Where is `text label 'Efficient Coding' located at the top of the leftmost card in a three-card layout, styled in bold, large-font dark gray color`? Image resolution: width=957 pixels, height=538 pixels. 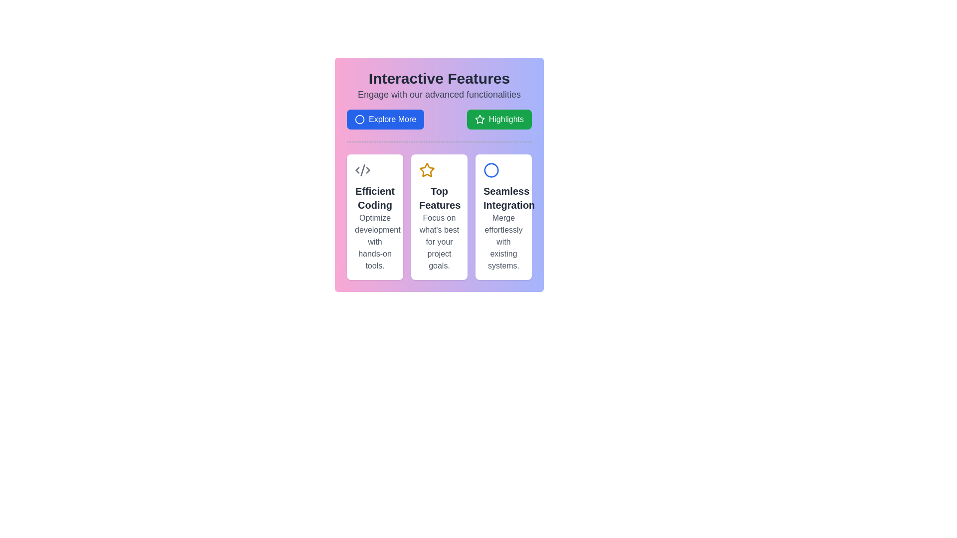 text label 'Efficient Coding' located at the top of the leftmost card in a three-card layout, styled in bold, large-font dark gray color is located at coordinates (374, 198).